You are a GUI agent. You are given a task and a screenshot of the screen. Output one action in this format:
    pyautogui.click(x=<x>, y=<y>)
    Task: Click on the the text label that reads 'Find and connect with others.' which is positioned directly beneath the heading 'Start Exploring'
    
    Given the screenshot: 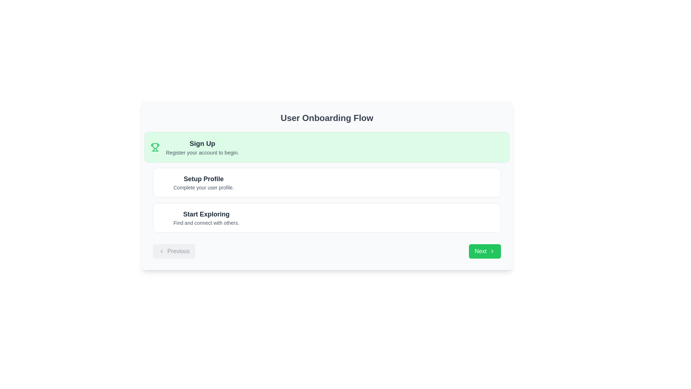 What is the action you would take?
    pyautogui.click(x=206, y=222)
    